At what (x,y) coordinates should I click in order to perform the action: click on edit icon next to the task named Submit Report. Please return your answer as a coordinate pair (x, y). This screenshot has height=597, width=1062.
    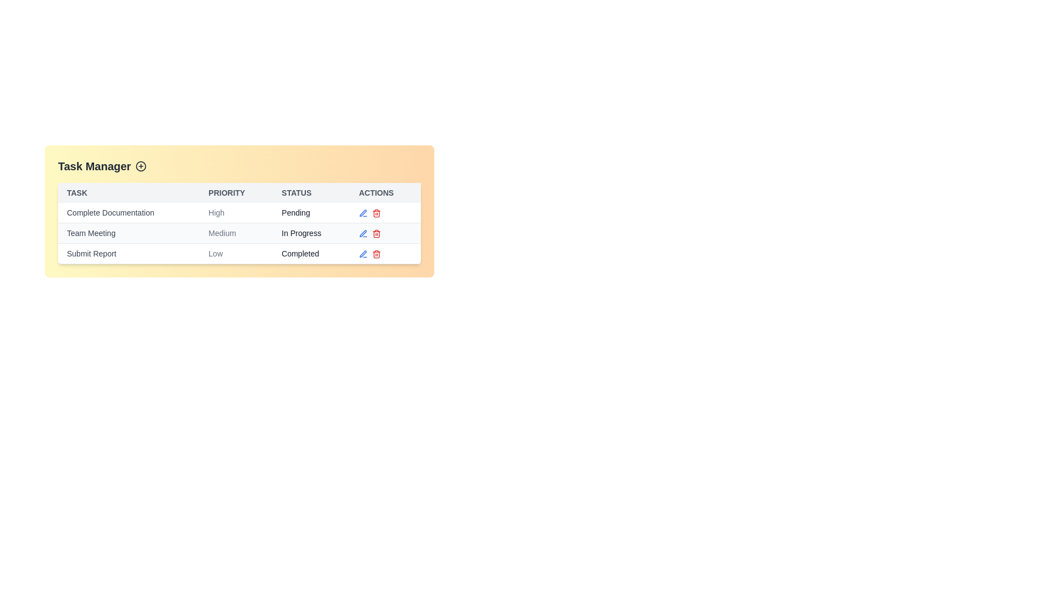
    Looking at the image, I should click on (363, 254).